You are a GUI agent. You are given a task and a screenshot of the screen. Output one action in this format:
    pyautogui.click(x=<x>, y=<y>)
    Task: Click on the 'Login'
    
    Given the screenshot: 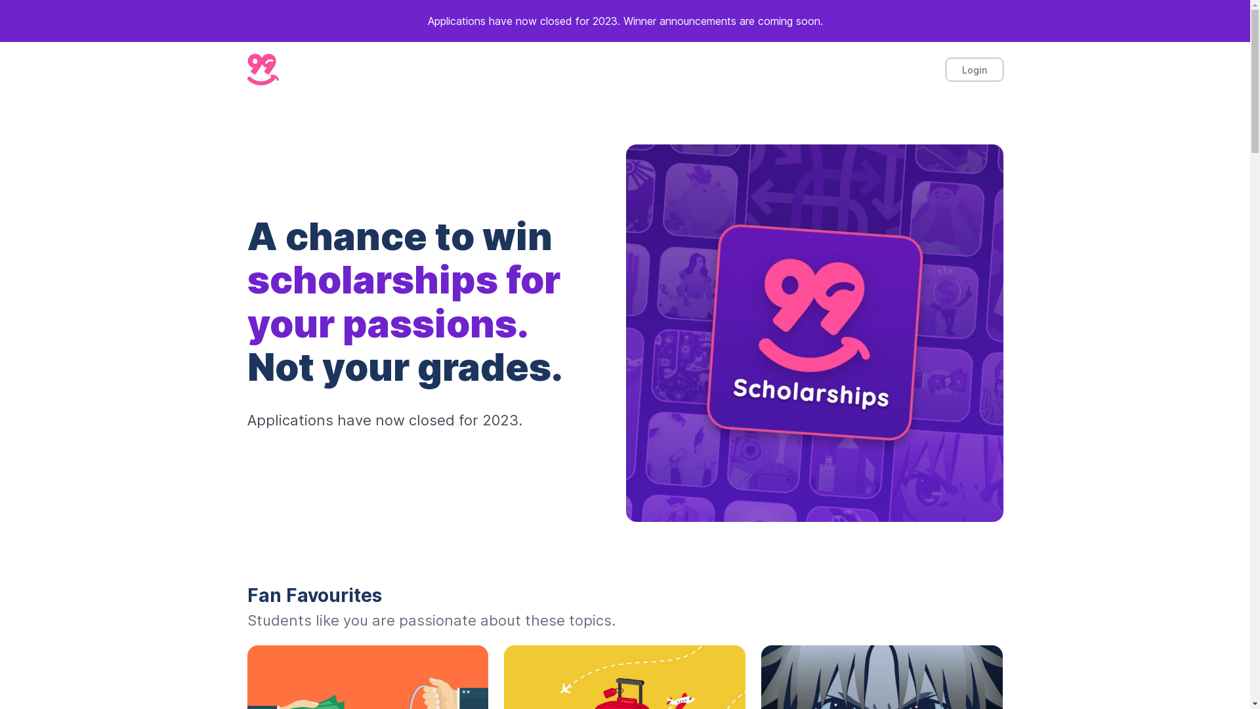 What is the action you would take?
    pyautogui.click(x=973, y=69)
    